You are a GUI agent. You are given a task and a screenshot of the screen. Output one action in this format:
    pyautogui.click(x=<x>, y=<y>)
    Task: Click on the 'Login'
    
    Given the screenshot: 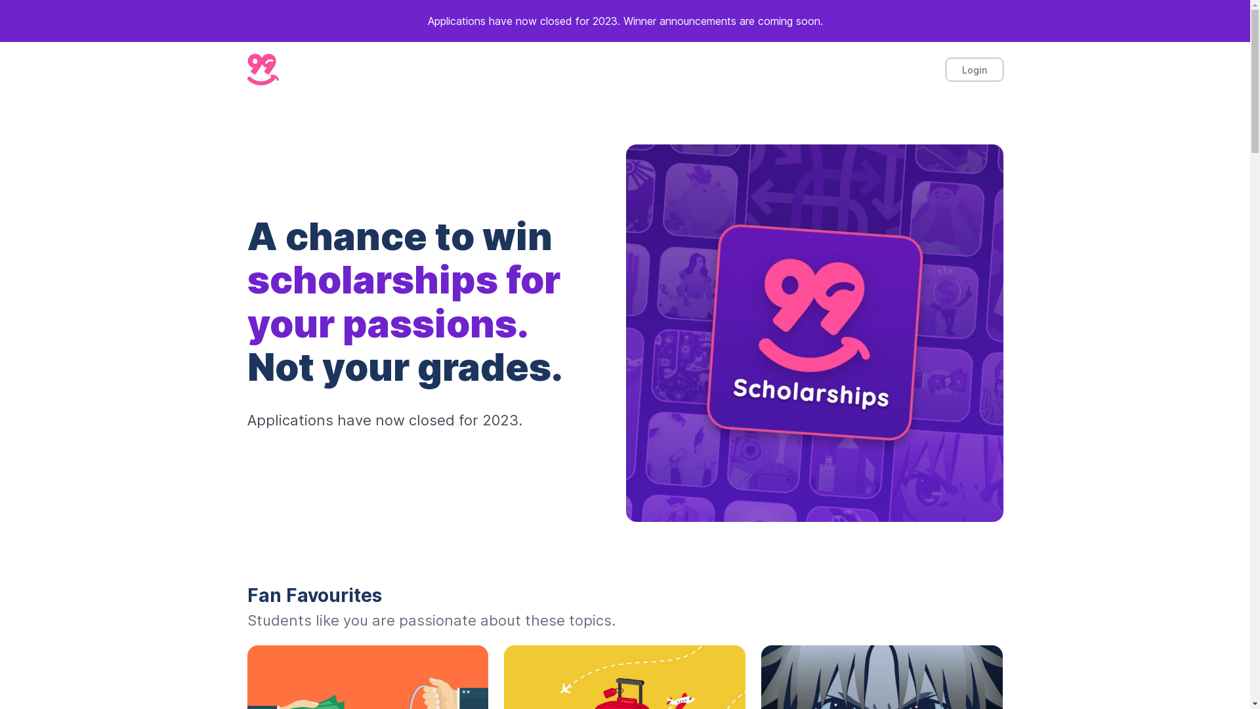 What is the action you would take?
    pyautogui.click(x=973, y=69)
    